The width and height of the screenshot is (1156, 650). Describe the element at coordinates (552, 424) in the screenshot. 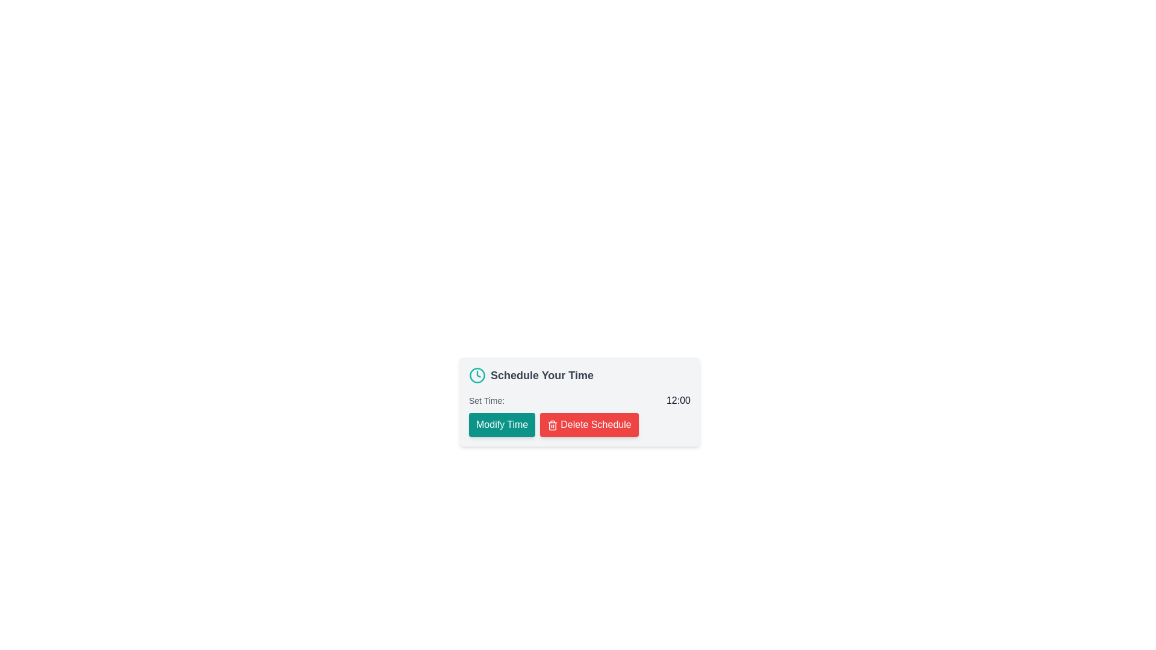

I see `the red button labeled 'Delete Schedule'` at that location.